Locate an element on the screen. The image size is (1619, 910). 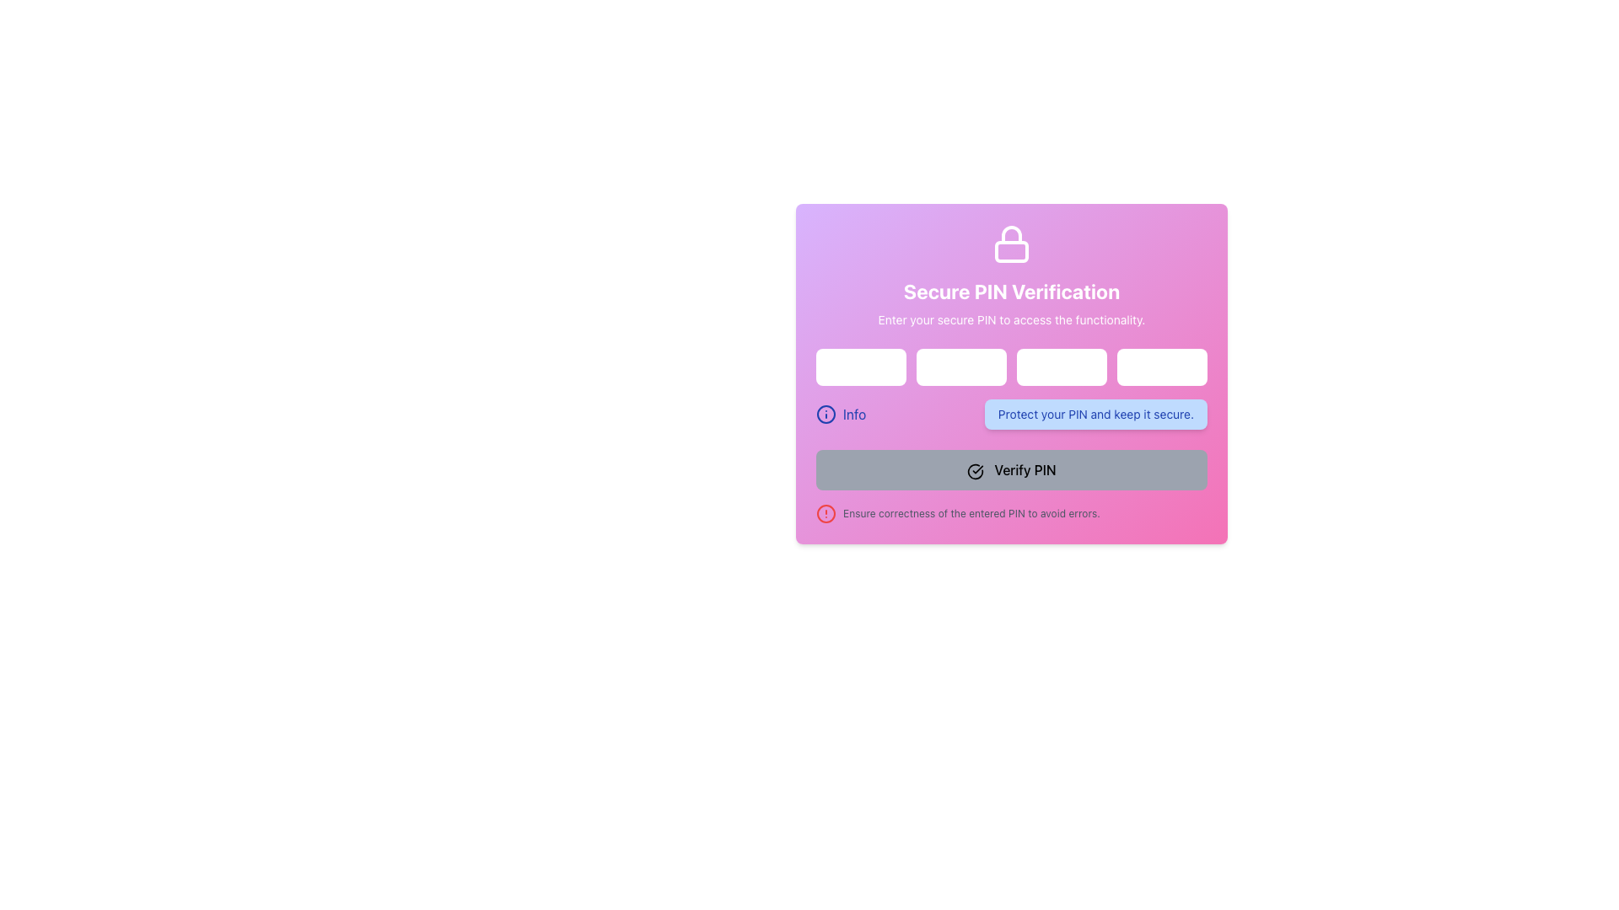
the button adjacent to the 'Verify PIN' label, which is indicated by the icon signifying a successful action is located at coordinates (976, 471).